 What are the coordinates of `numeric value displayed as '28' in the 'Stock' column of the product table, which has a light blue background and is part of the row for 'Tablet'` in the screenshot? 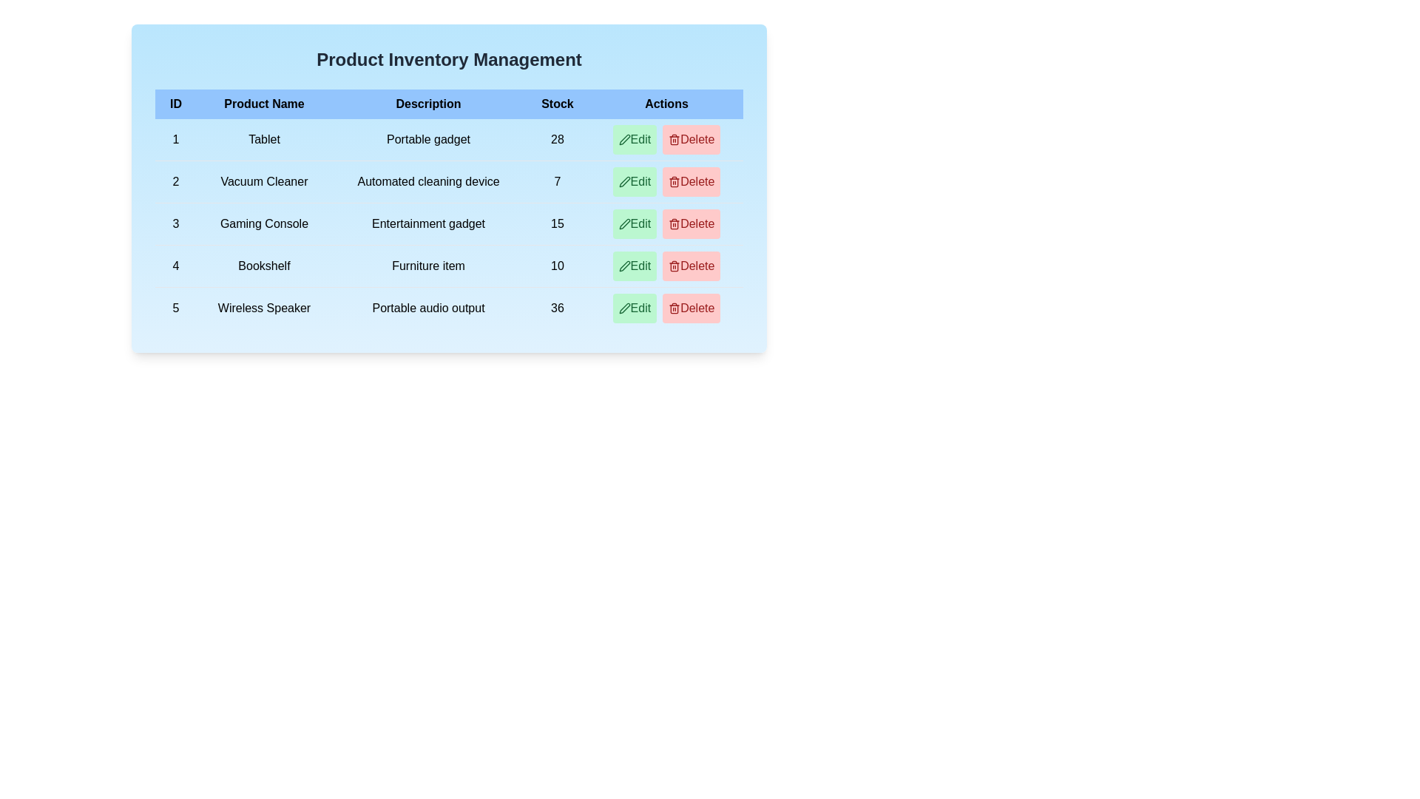 It's located at (556, 140).